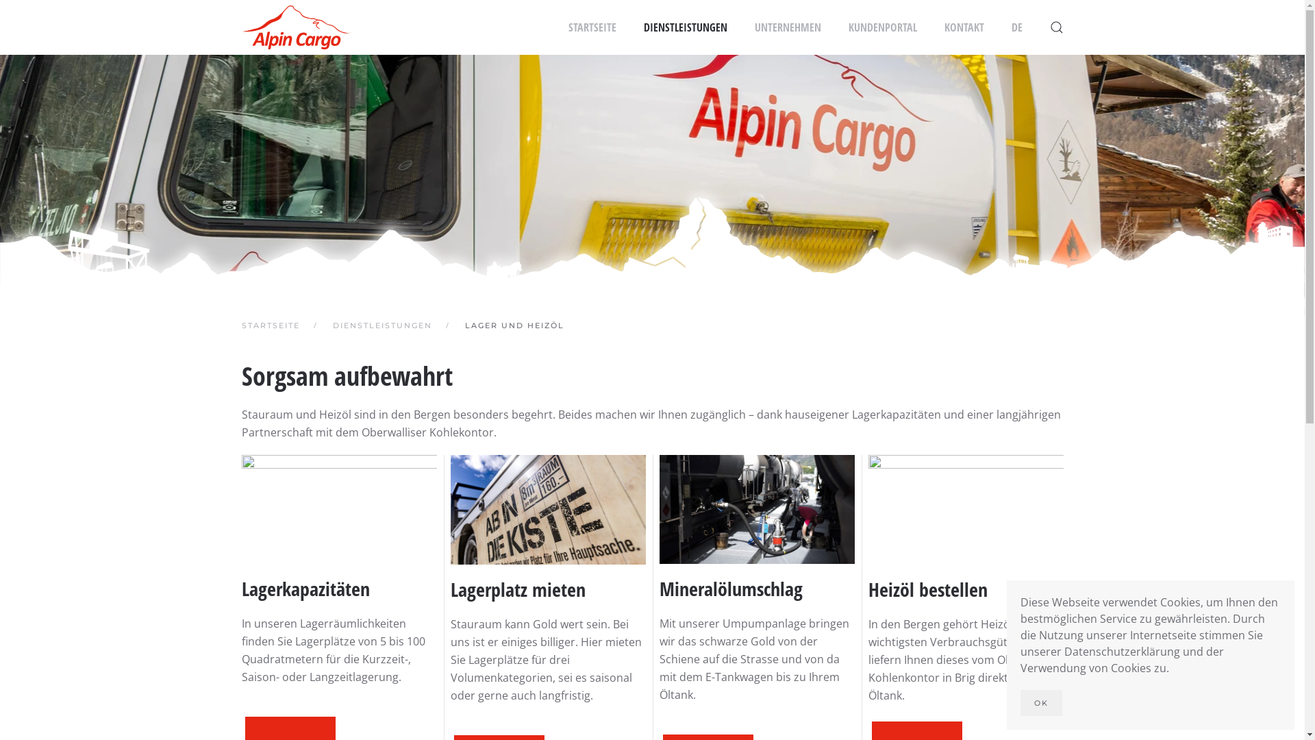 Image resolution: width=1315 pixels, height=740 pixels. I want to click on 'KUNDENPORTAL', so click(881, 27).